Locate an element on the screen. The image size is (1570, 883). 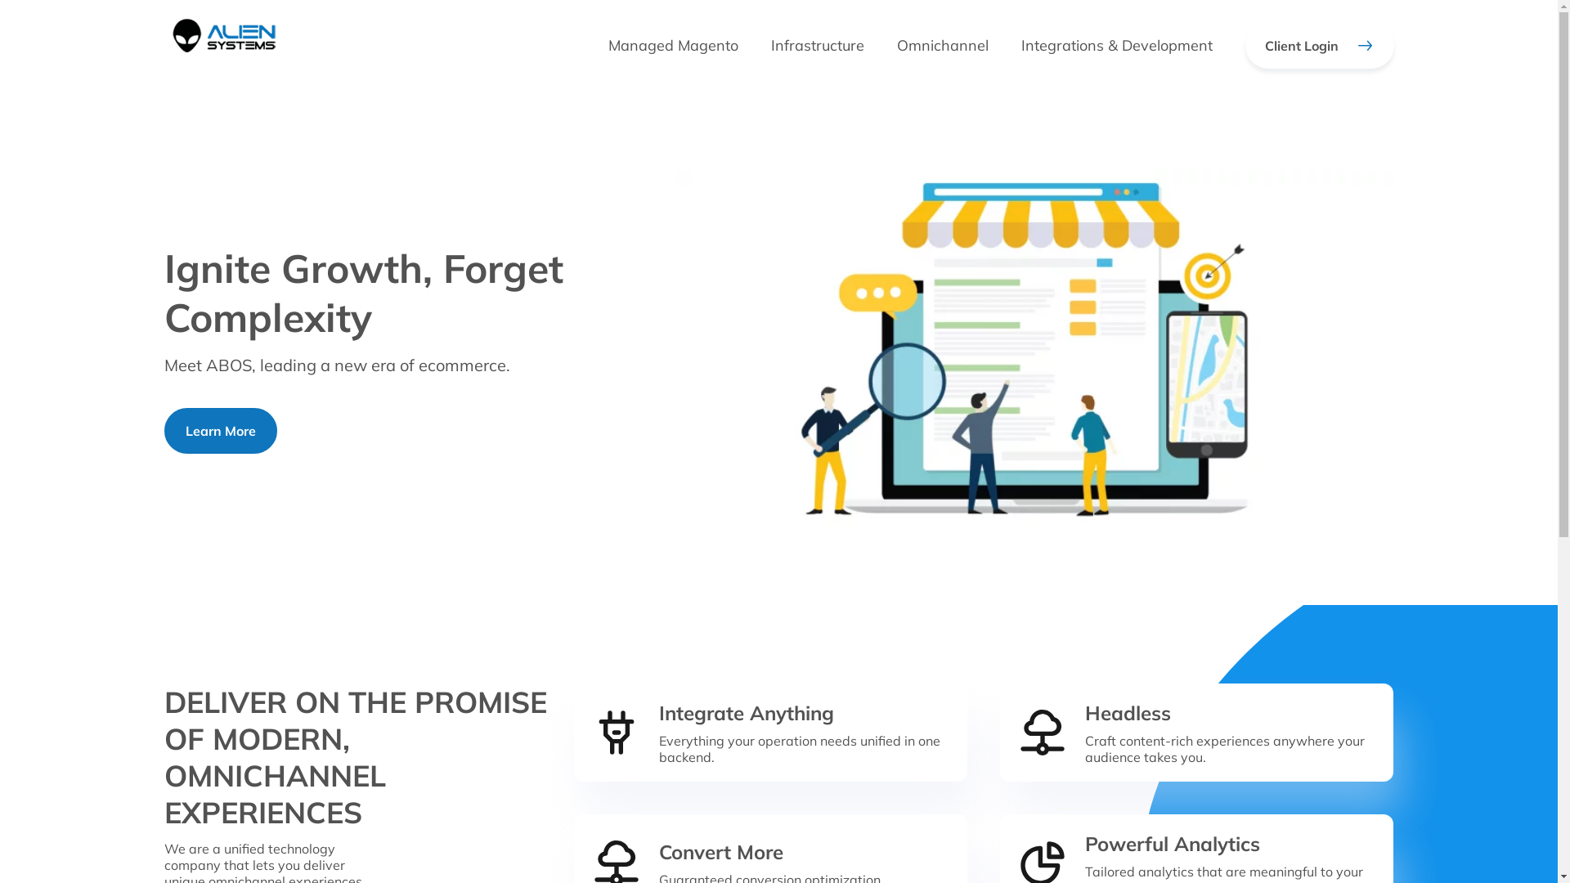
'Omnichannel' is located at coordinates (942, 44).